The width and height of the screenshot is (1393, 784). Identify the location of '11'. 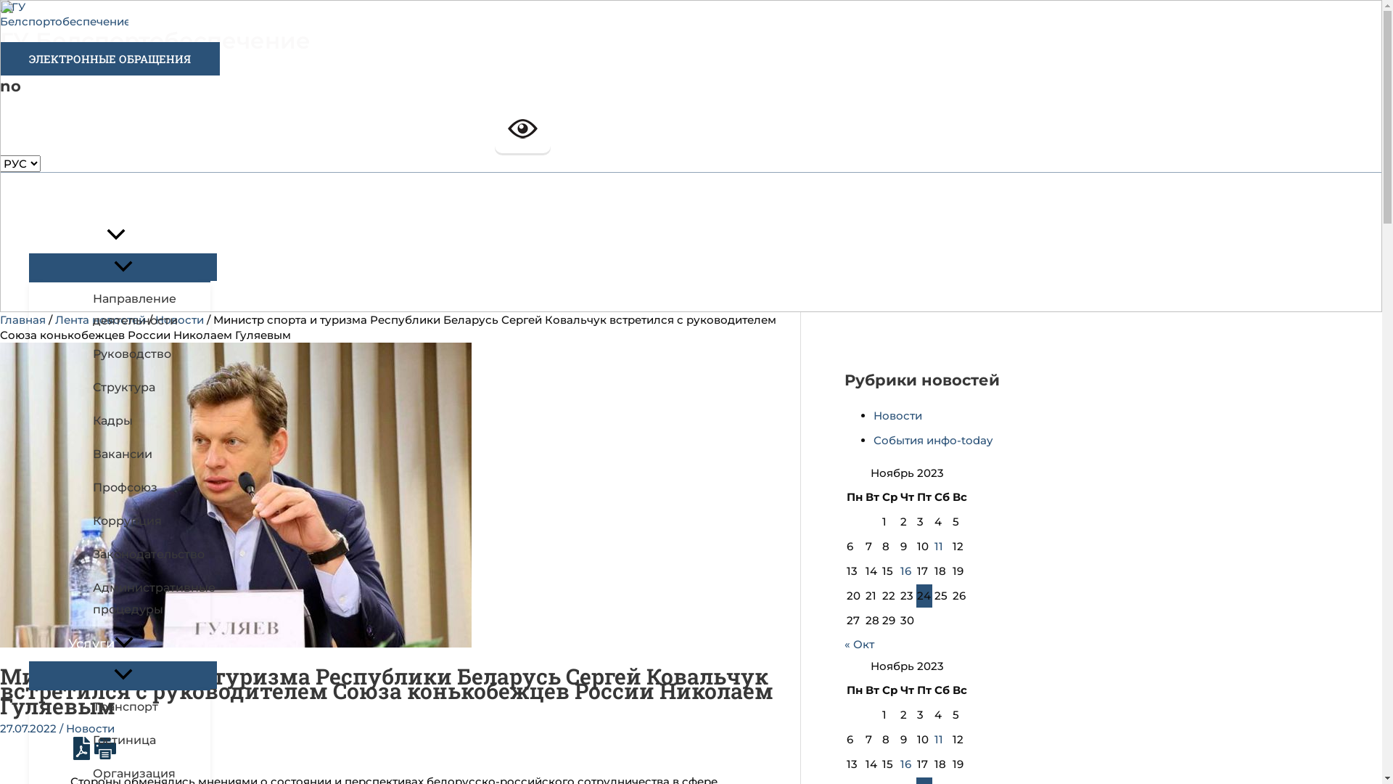
(939, 739).